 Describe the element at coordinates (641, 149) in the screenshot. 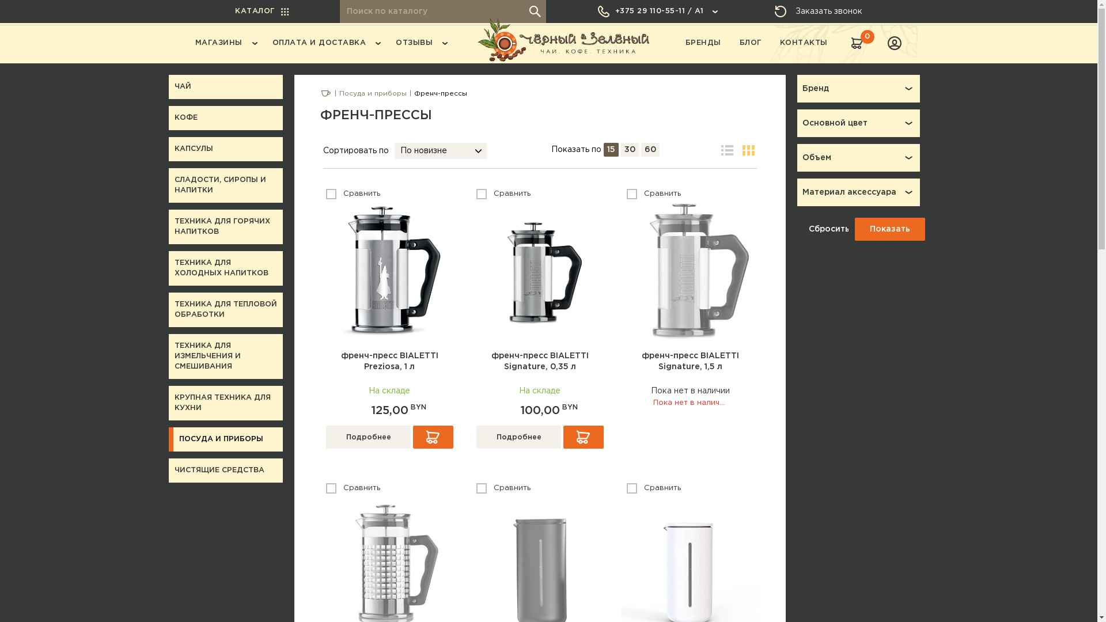

I see `'60'` at that location.